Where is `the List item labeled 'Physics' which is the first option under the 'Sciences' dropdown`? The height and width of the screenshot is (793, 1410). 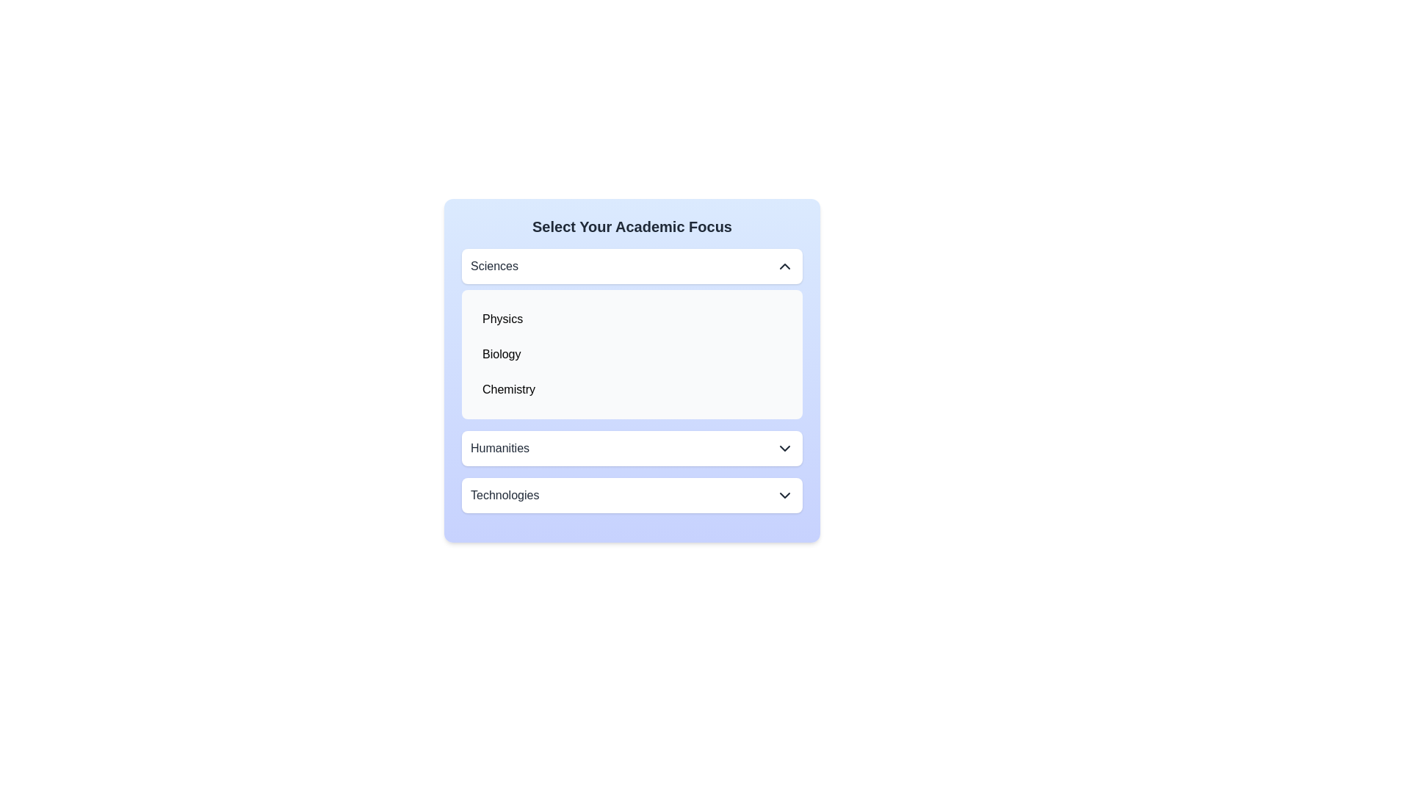
the List item labeled 'Physics' which is the first option under the 'Sciences' dropdown is located at coordinates (632, 319).